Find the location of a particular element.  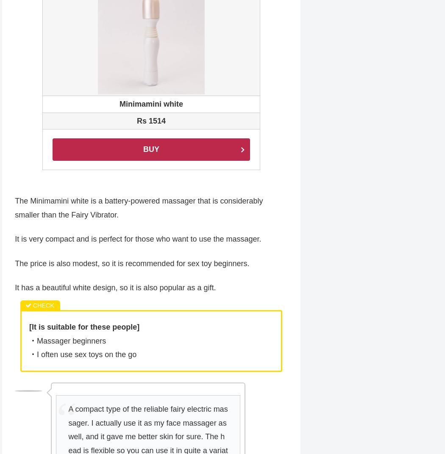

'It is very compact and is perfect for those who want to use the massager.' is located at coordinates (138, 239).